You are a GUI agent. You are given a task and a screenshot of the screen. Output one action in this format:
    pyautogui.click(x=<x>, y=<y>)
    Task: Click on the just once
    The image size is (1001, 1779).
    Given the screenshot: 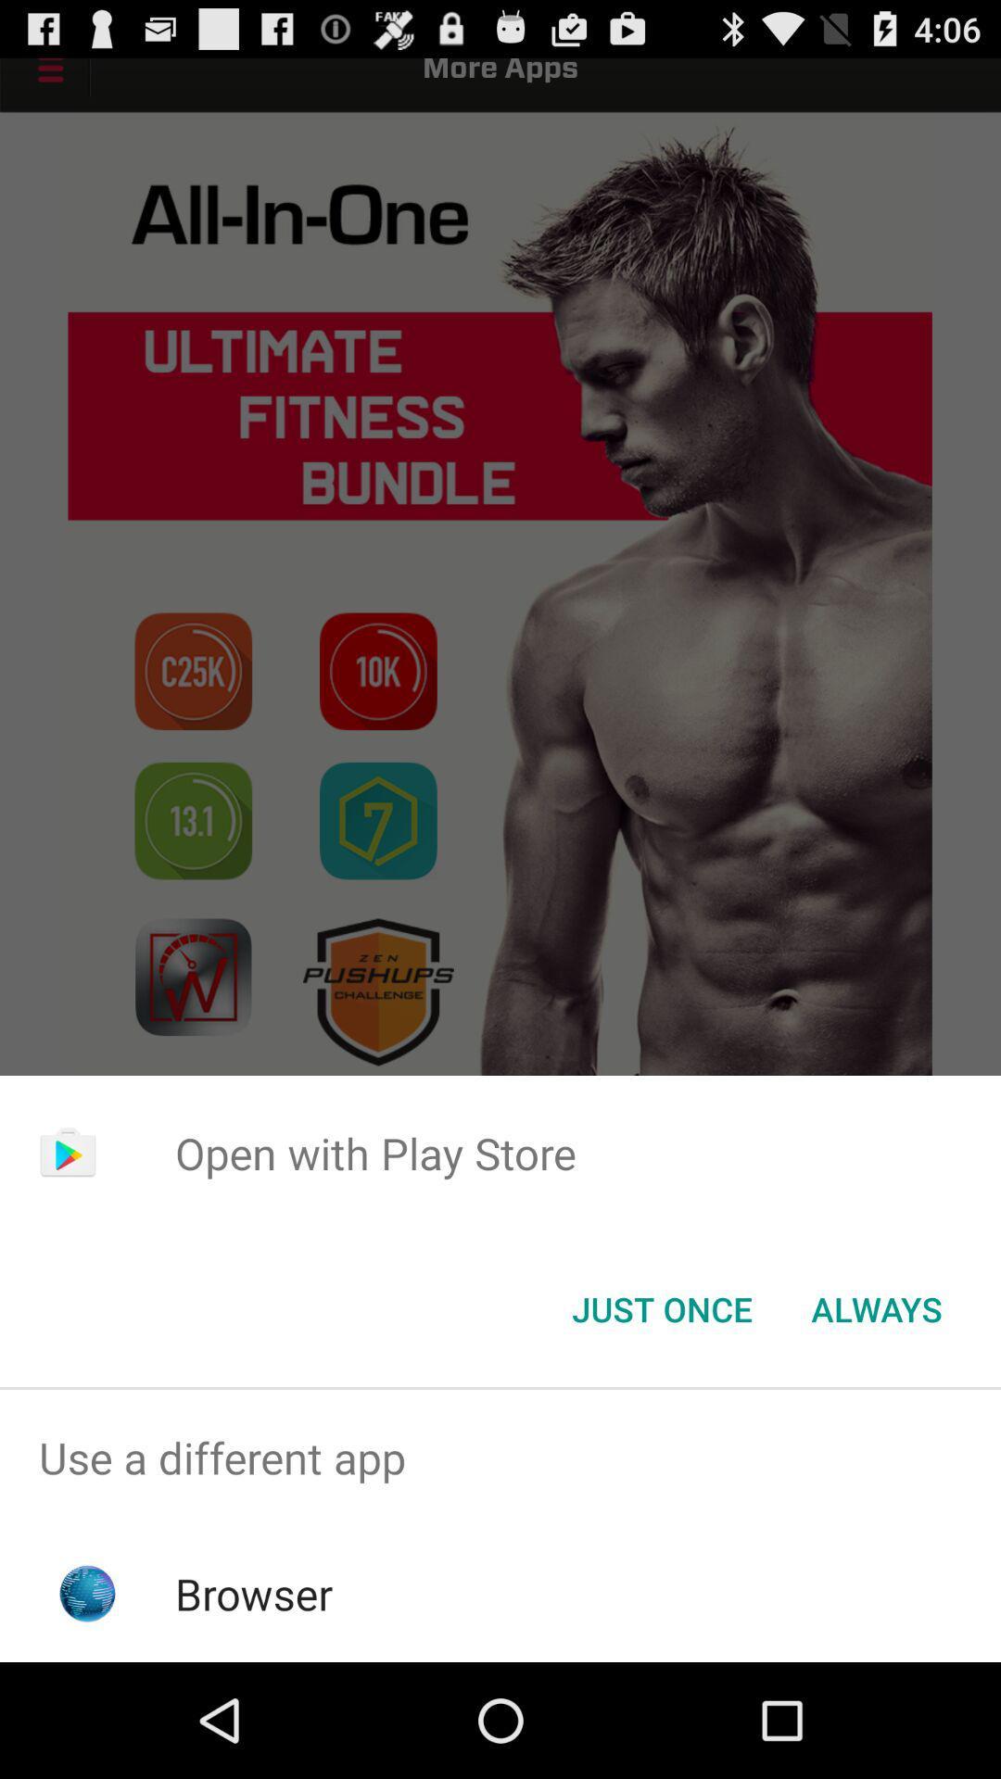 What is the action you would take?
    pyautogui.click(x=661, y=1307)
    